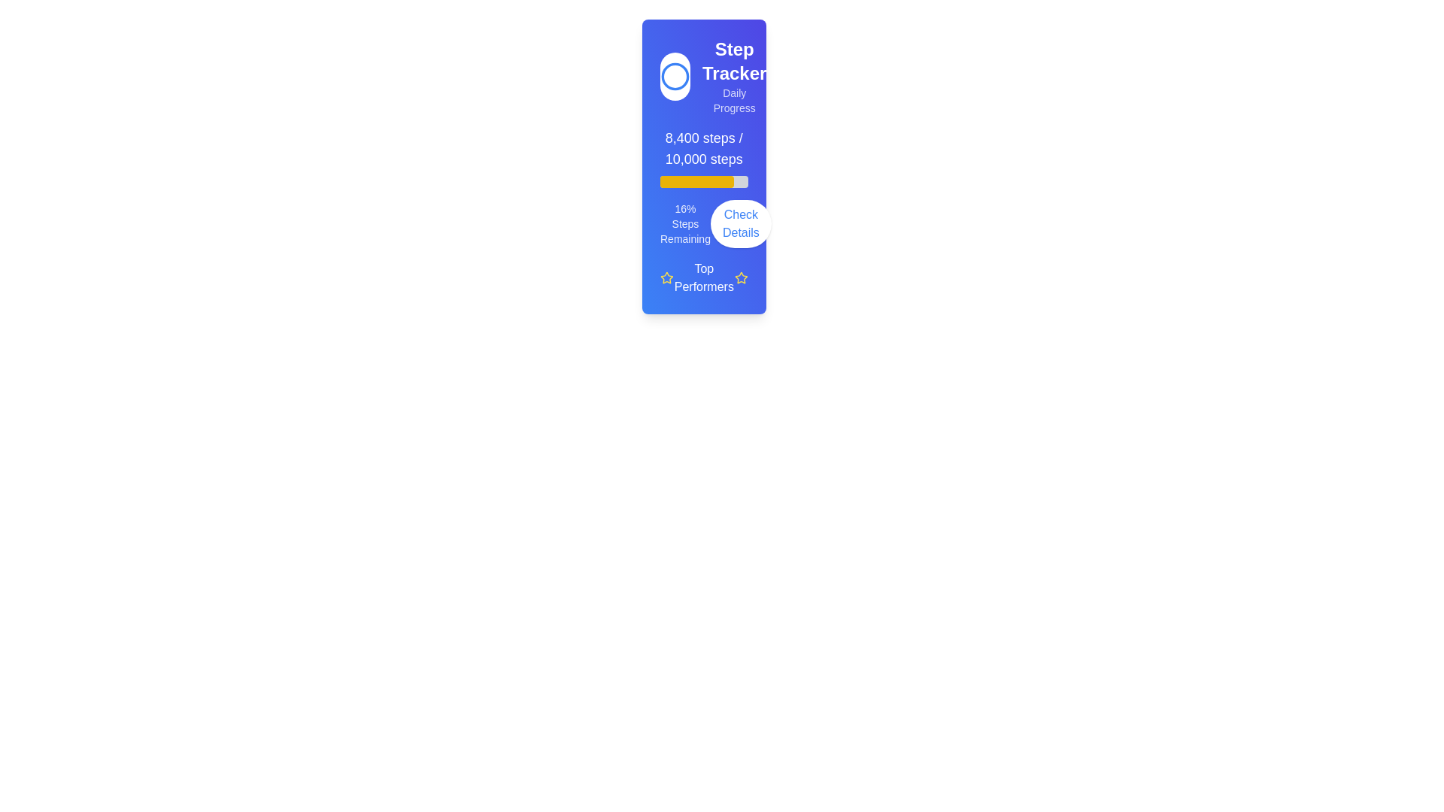  I want to click on the leftmost star-shaped icon in the 'Top Performers' section, which is styled with a yellow outline and no fill, so click(666, 278).